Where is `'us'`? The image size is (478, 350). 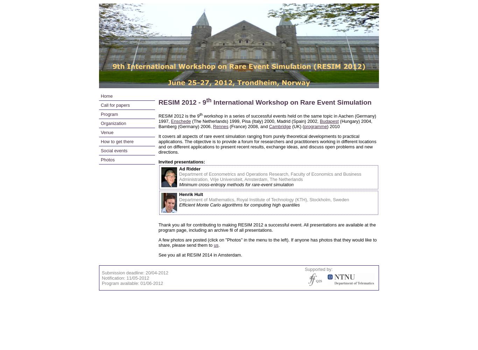
'us' is located at coordinates (216, 244).